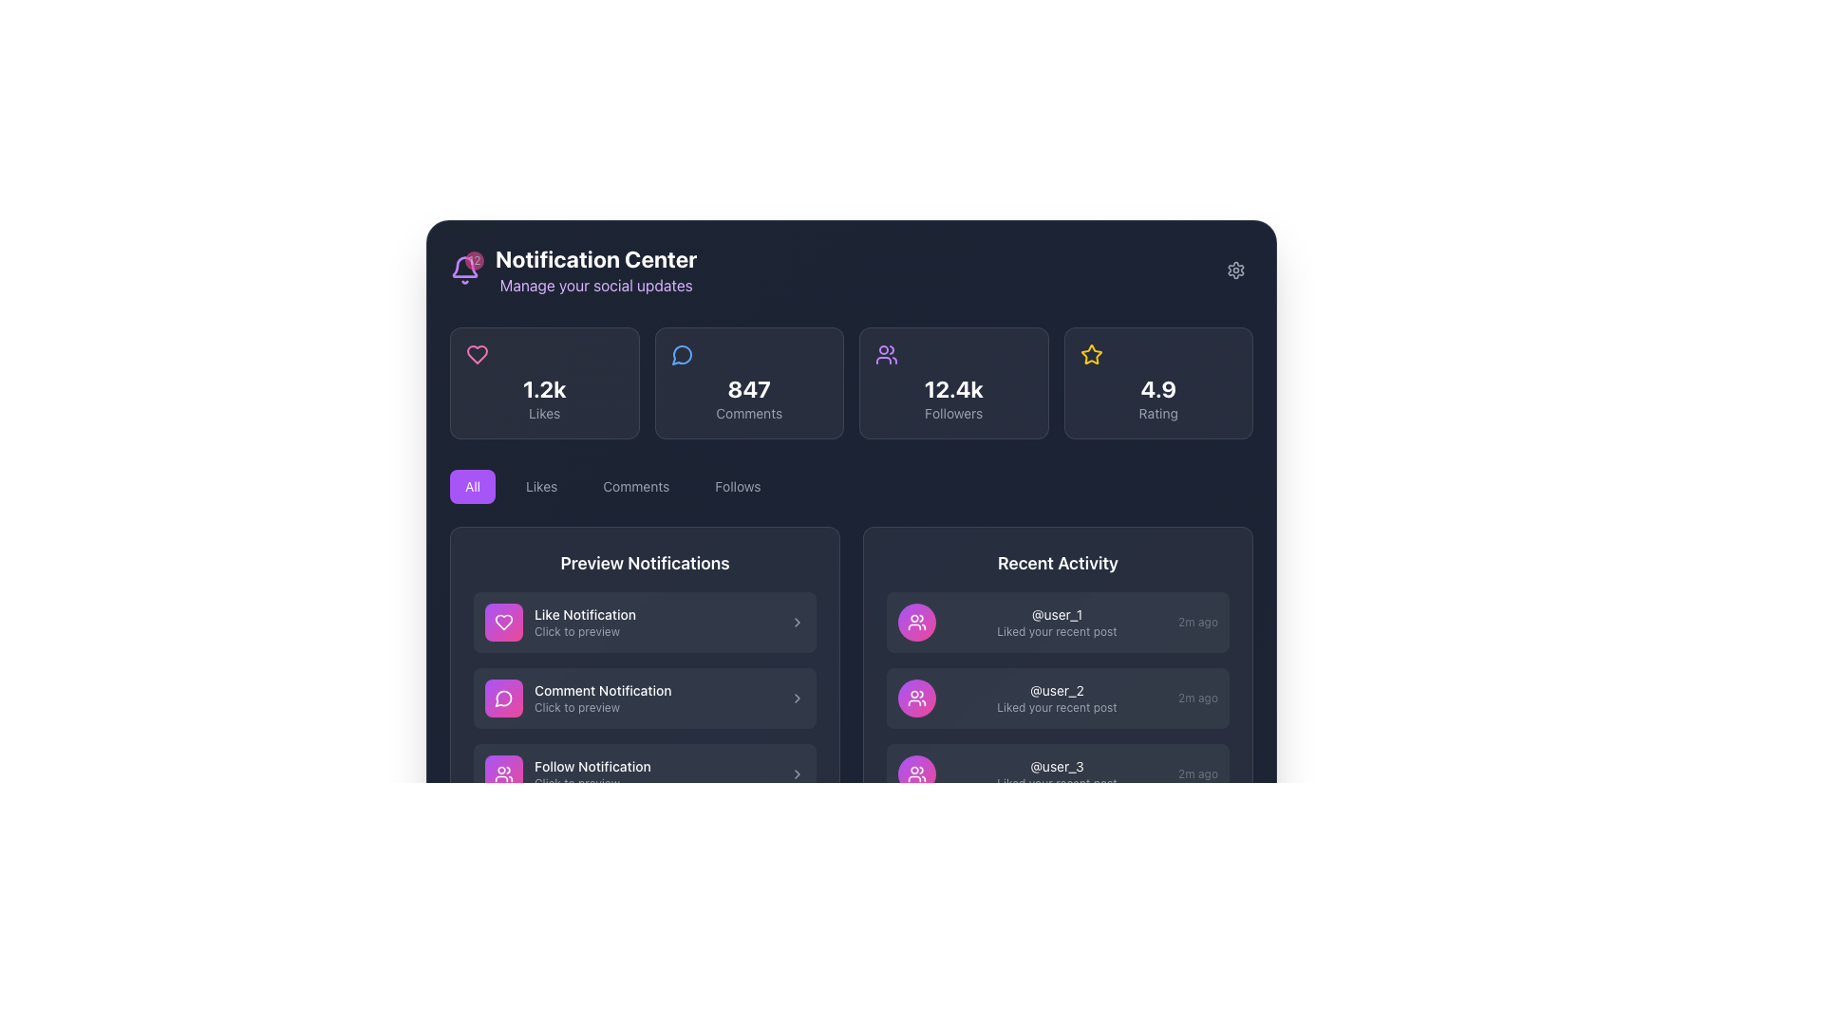  What do you see at coordinates (1056, 765) in the screenshot?
I see `the Text label '@user_3' which identifies the user associated with the notification of interaction in the 'Recent Activity' section` at bounding box center [1056, 765].